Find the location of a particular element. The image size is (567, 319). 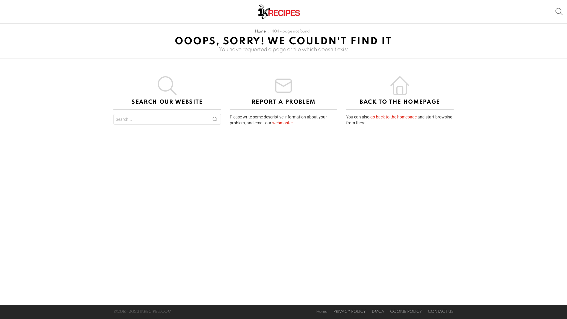

'Home' is located at coordinates (260, 31).